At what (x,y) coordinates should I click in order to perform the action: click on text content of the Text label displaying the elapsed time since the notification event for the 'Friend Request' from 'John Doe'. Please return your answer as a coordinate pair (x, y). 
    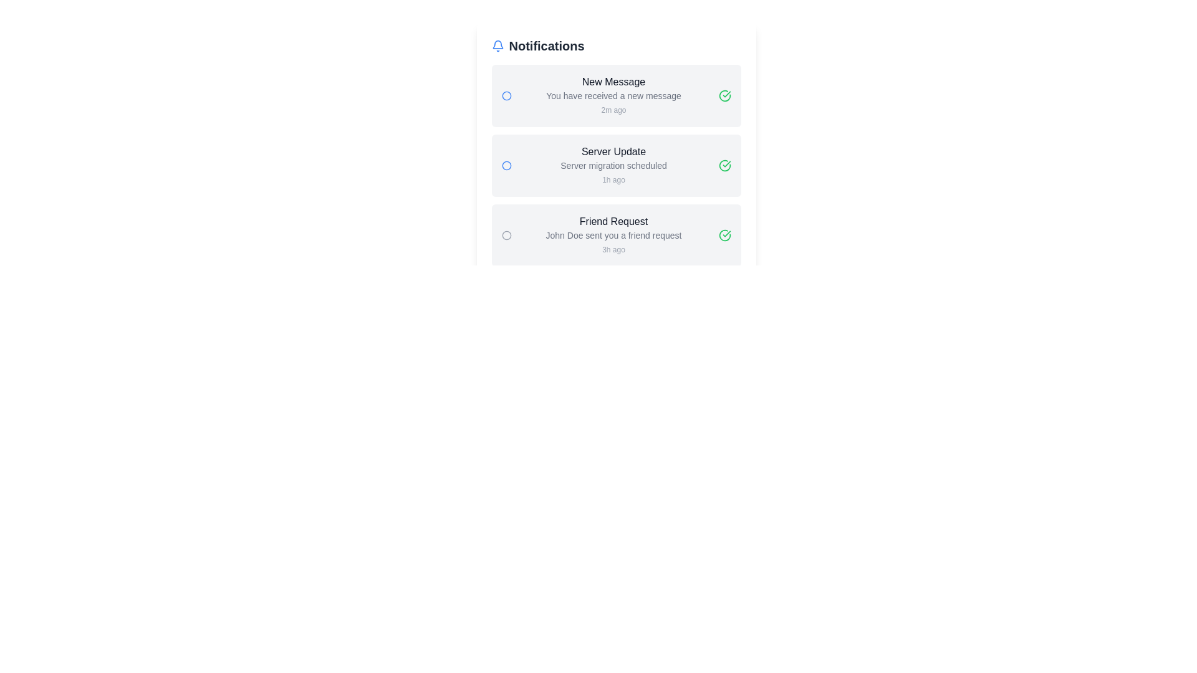
    Looking at the image, I should click on (613, 250).